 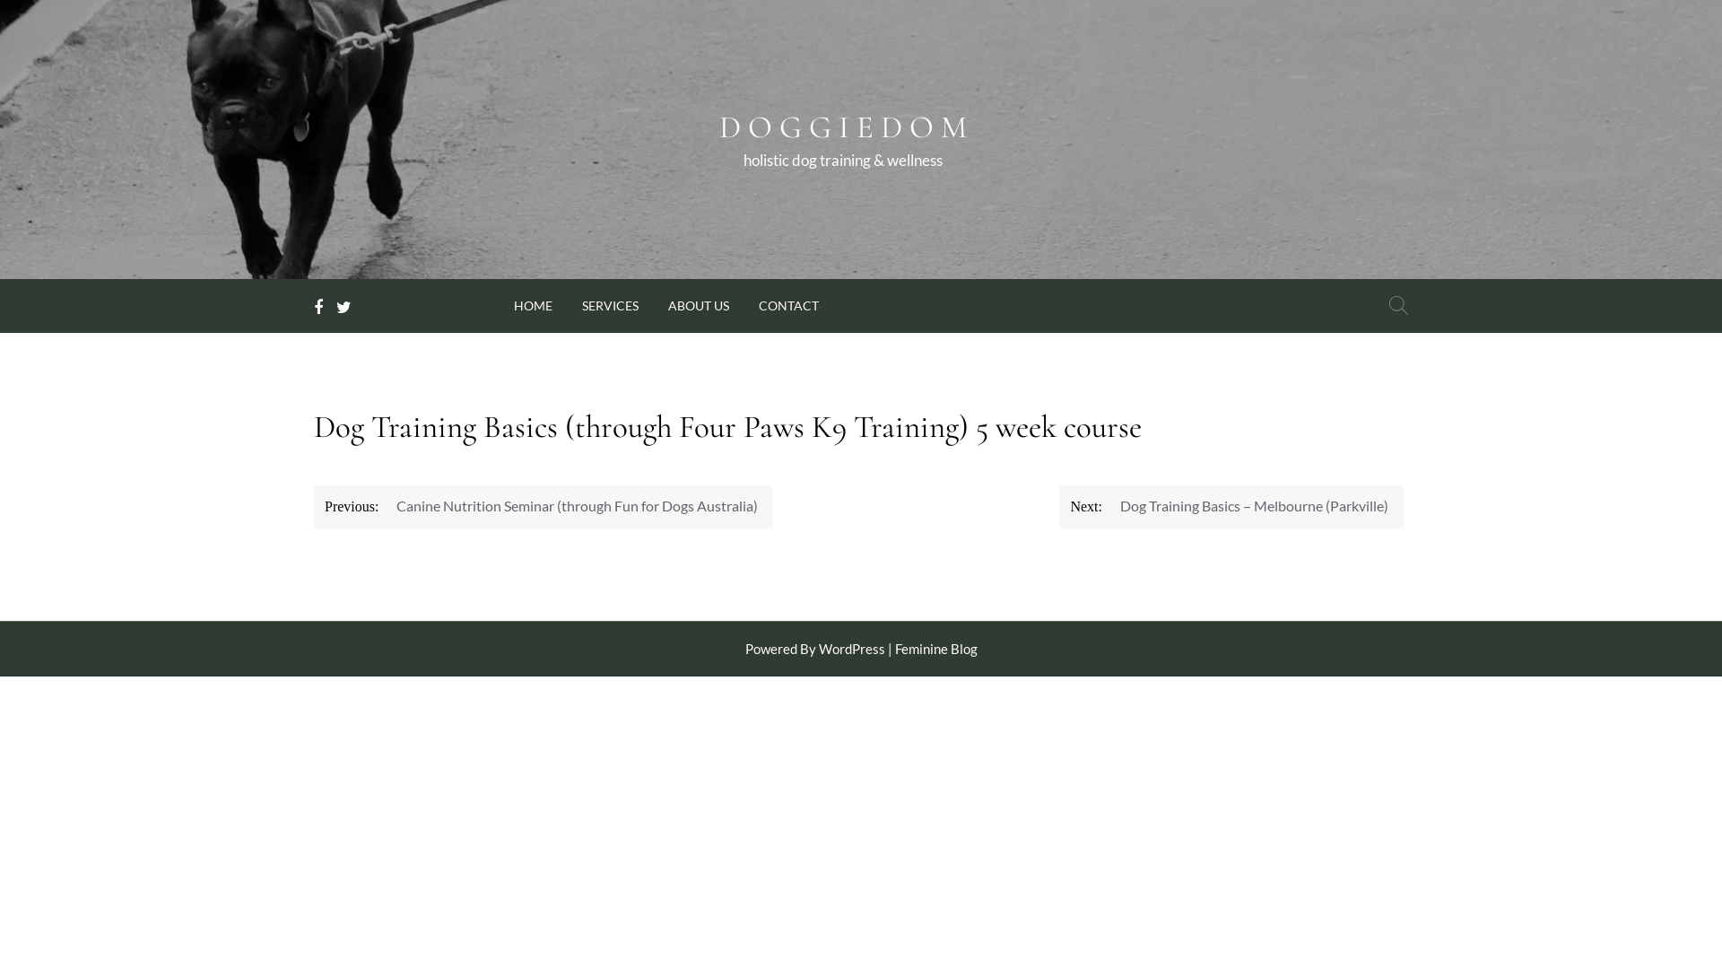 I want to click on 'ABOUT US', so click(x=697, y=302).